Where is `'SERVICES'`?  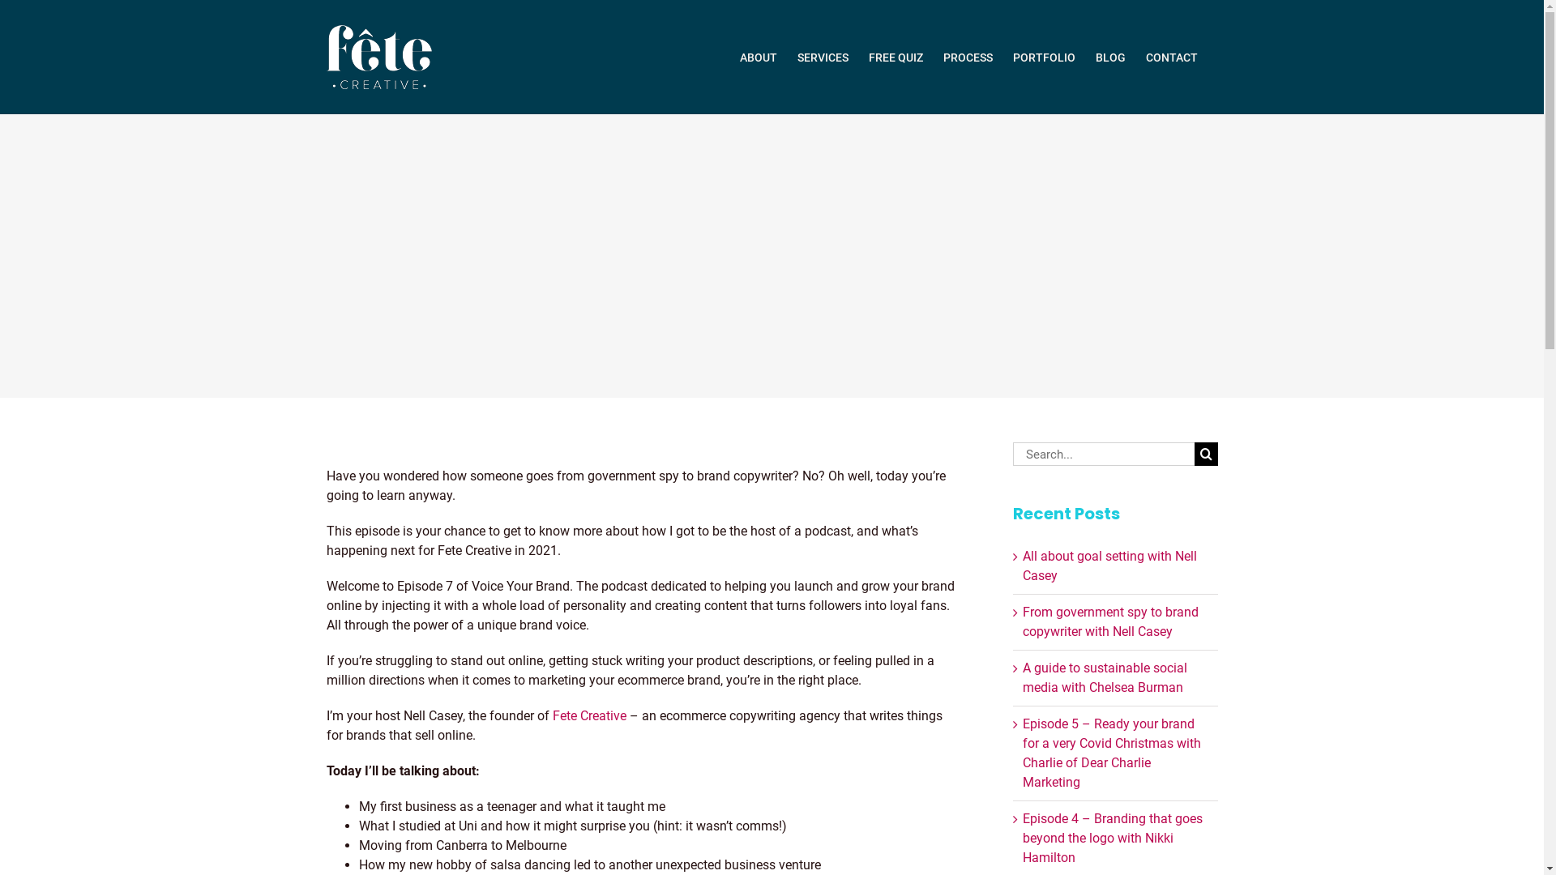
'SERVICES' is located at coordinates (797, 56).